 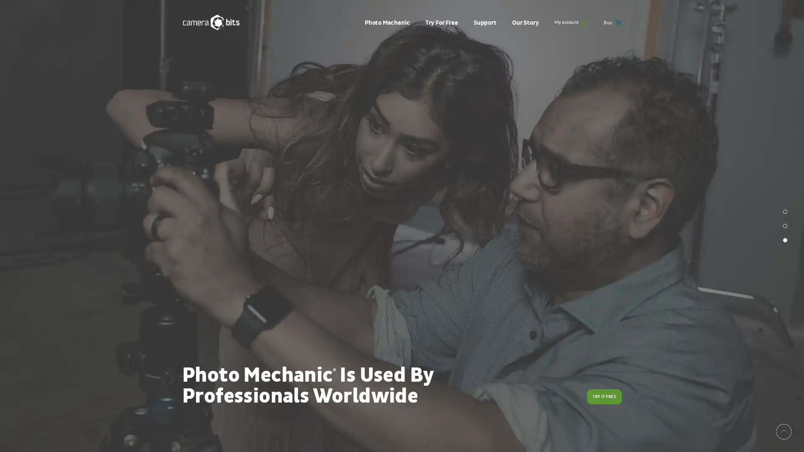 What do you see at coordinates (785, 226) in the screenshot?
I see `2` at bounding box center [785, 226].